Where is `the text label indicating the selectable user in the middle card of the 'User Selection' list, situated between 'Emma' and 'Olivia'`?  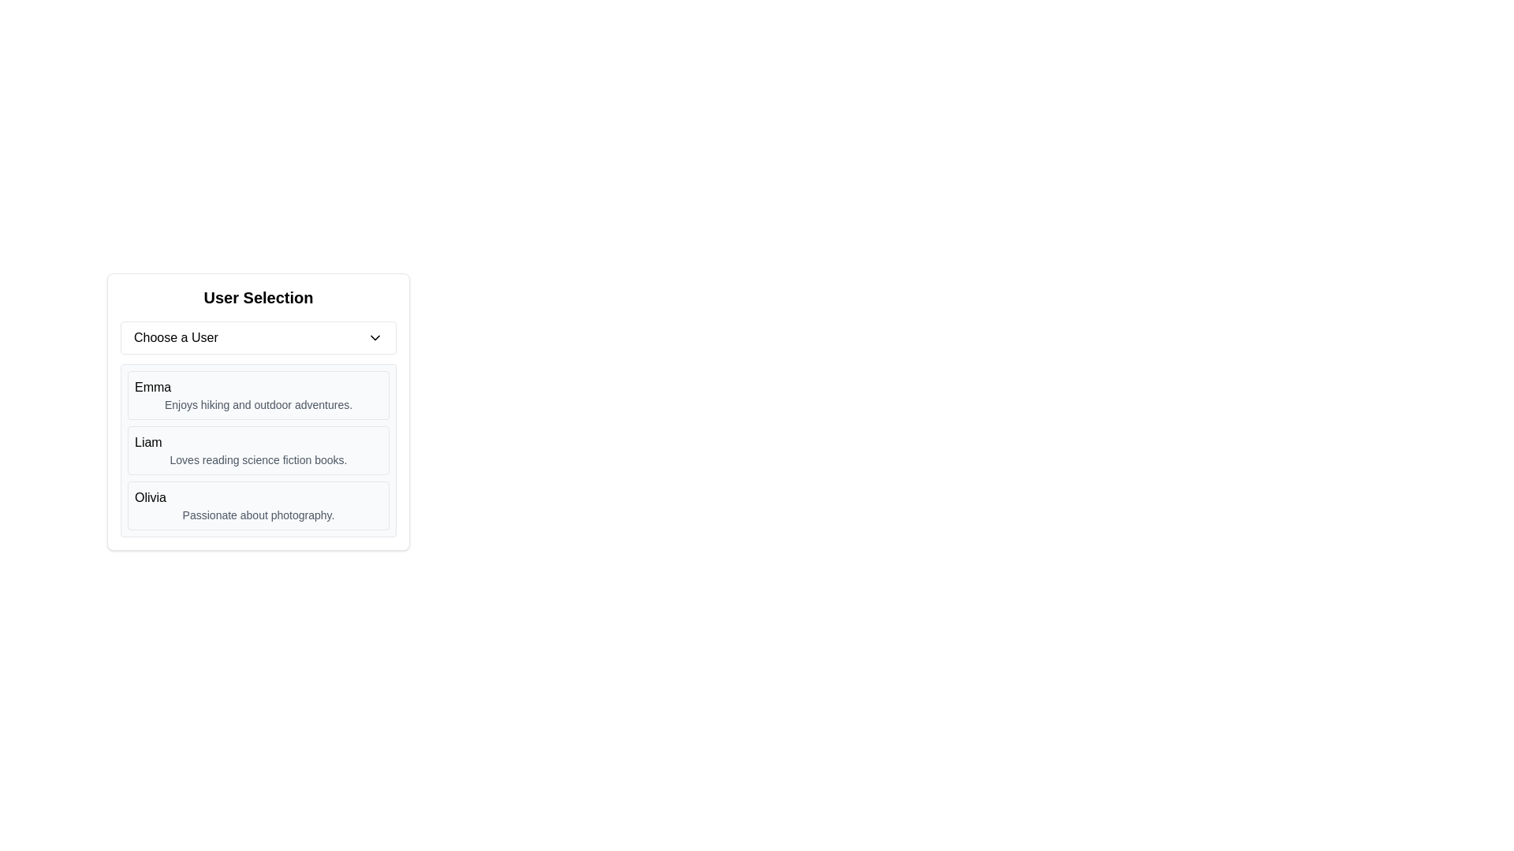
the text label indicating the selectable user in the middle card of the 'User Selection' list, situated between 'Emma' and 'Olivia' is located at coordinates (148, 443).